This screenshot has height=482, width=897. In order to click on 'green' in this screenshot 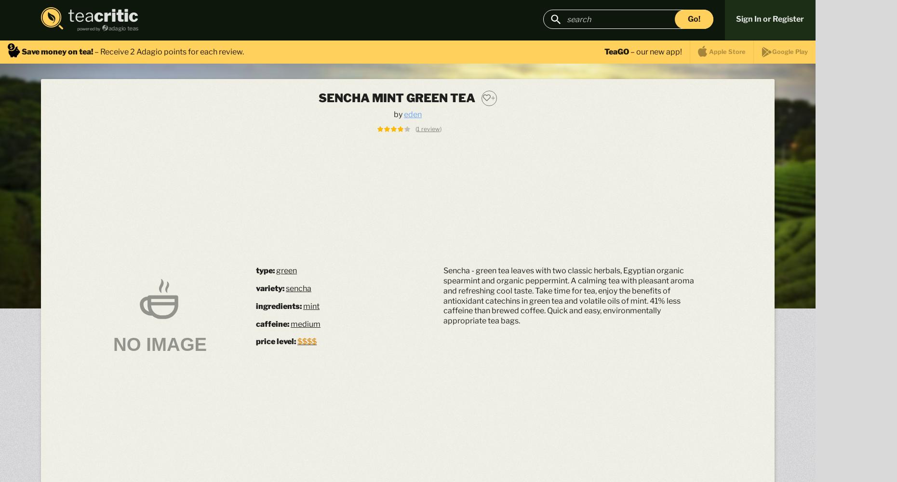, I will do `click(286, 270)`.